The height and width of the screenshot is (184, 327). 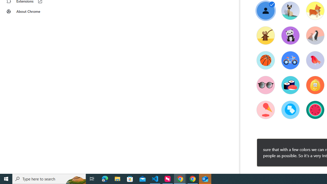 What do you see at coordinates (31, 11) in the screenshot?
I see `'About Chrome'` at bounding box center [31, 11].